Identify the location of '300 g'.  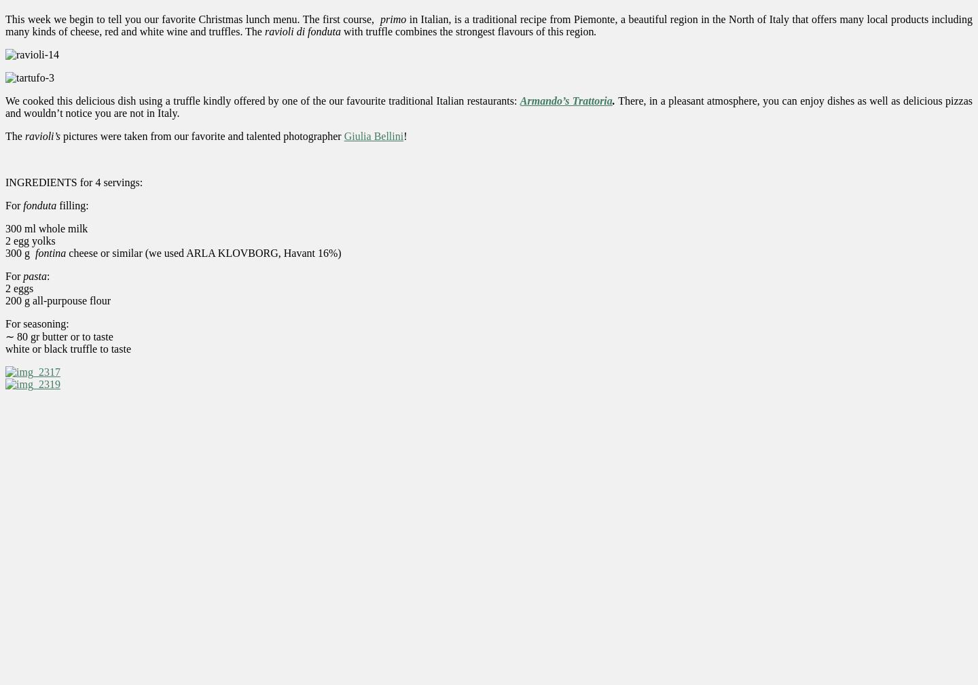
(5, 252).